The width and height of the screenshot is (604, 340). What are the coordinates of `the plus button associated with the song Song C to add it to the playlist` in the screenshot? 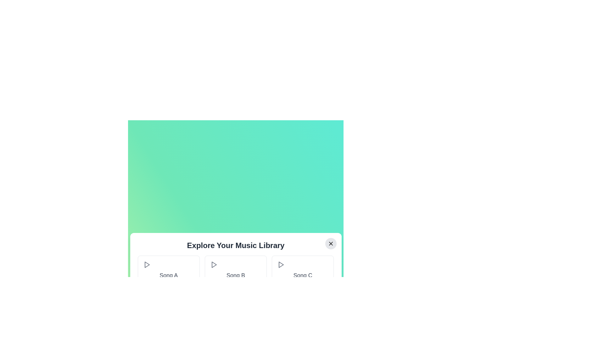 It's located at (325, 286).